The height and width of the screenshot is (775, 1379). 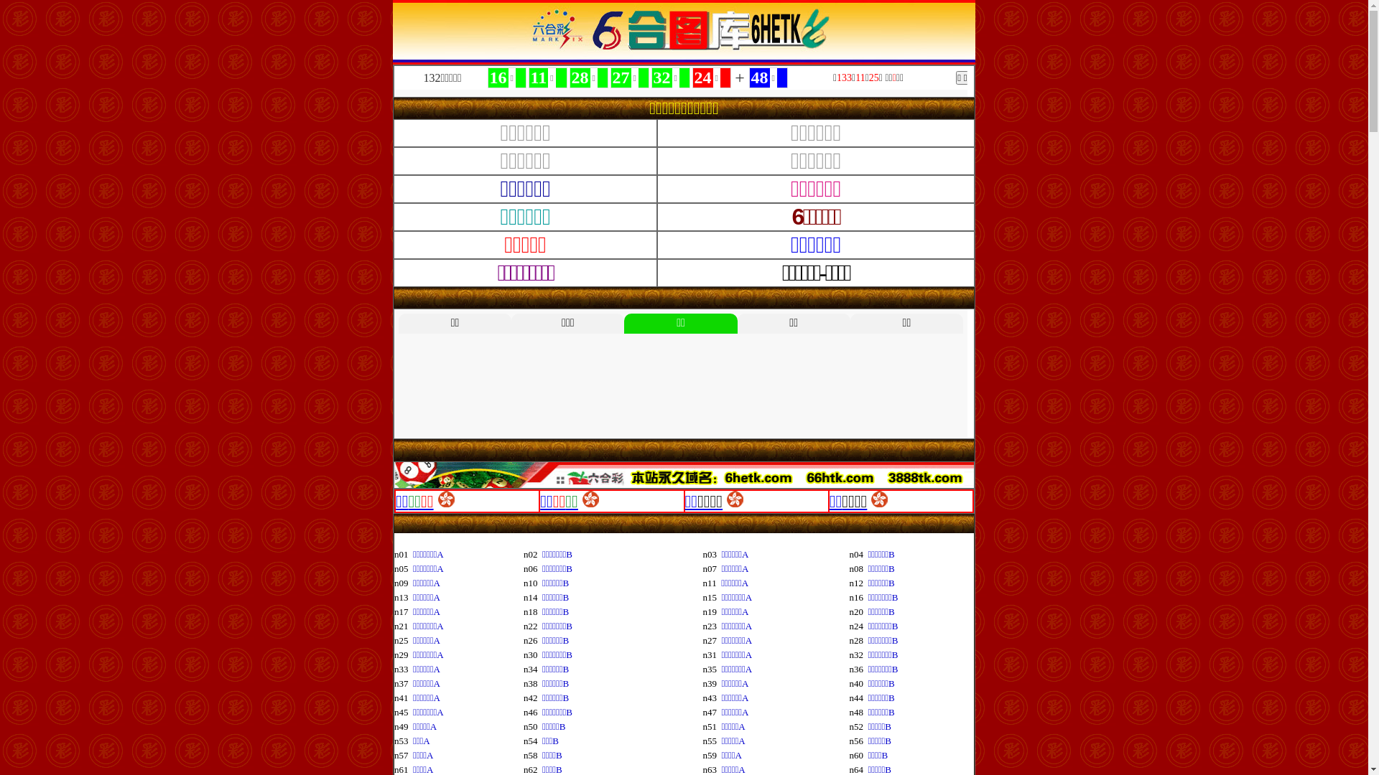 What do you see at coordinates (402, 597) in the screenshot?
I see `'n13 '` at bounding box center [402, 597].